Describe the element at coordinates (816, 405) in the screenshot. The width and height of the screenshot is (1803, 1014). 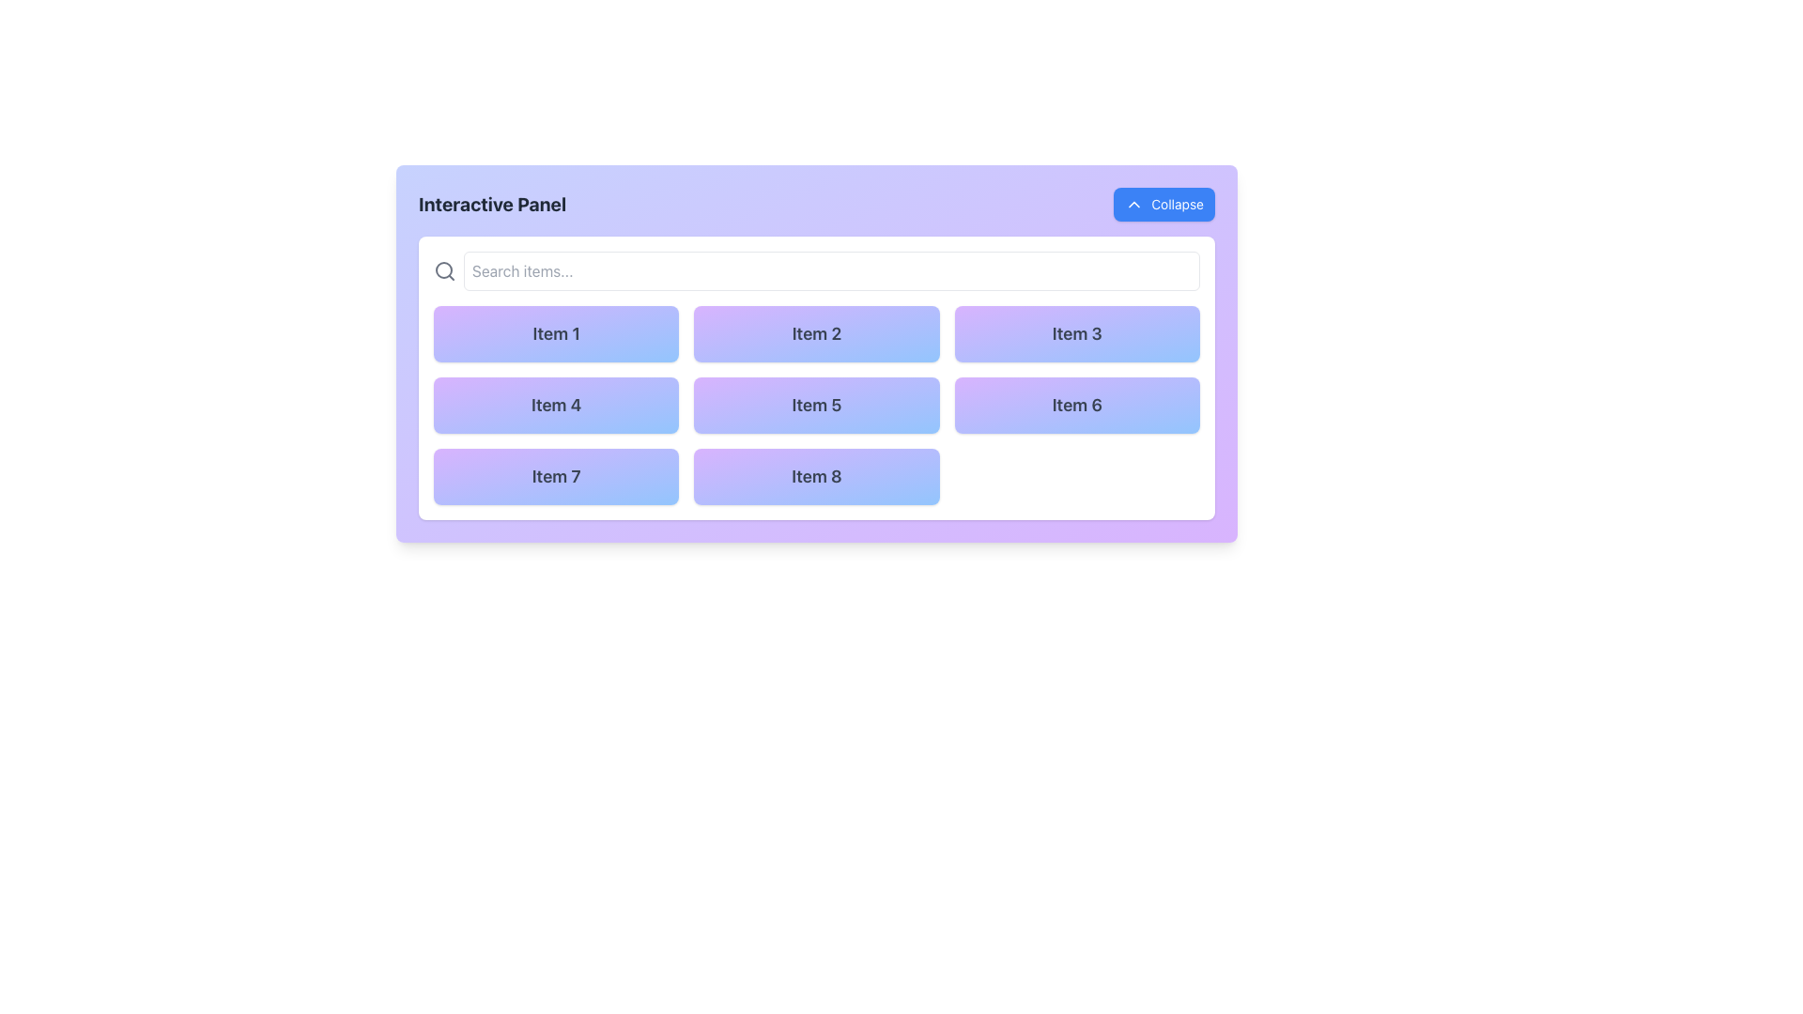
I see `the Card item labeled 'Item 5', which is a rectangular component with a gradient background and rounded corners, located in the second row and middle column of the grid layout` at that location.